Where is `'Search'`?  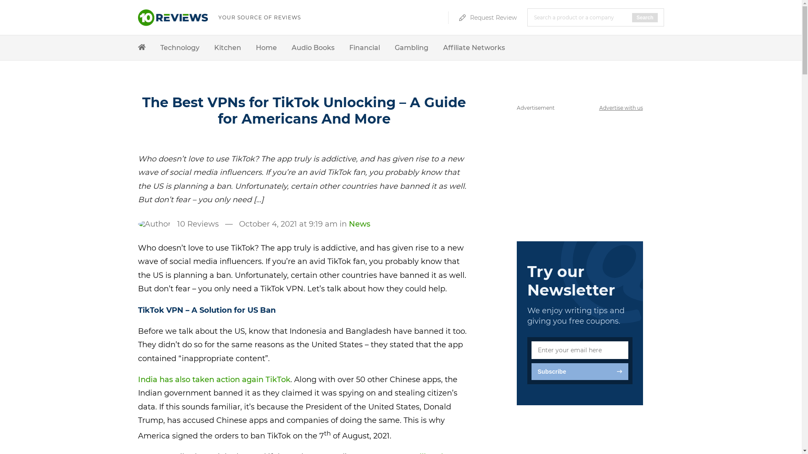 'Search' is located at coordinates (632, 18).